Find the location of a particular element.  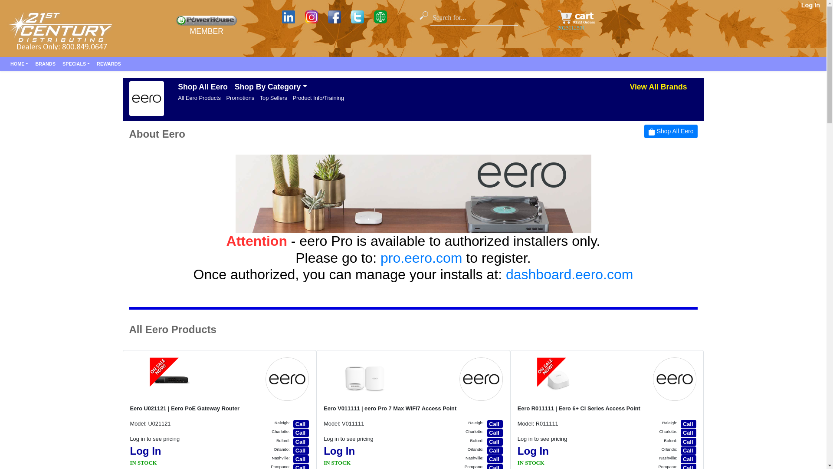

'Top Sellers' is located at coordinates (273, 98).